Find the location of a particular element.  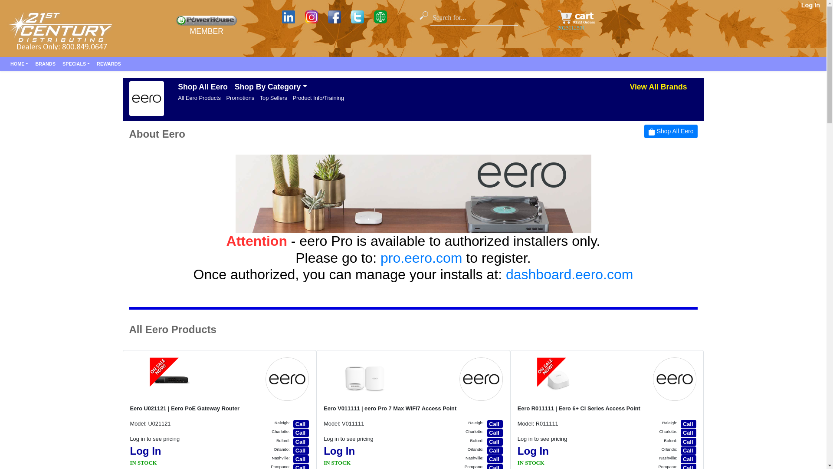

'Top Sellers' is located at coordinates (273, 98).